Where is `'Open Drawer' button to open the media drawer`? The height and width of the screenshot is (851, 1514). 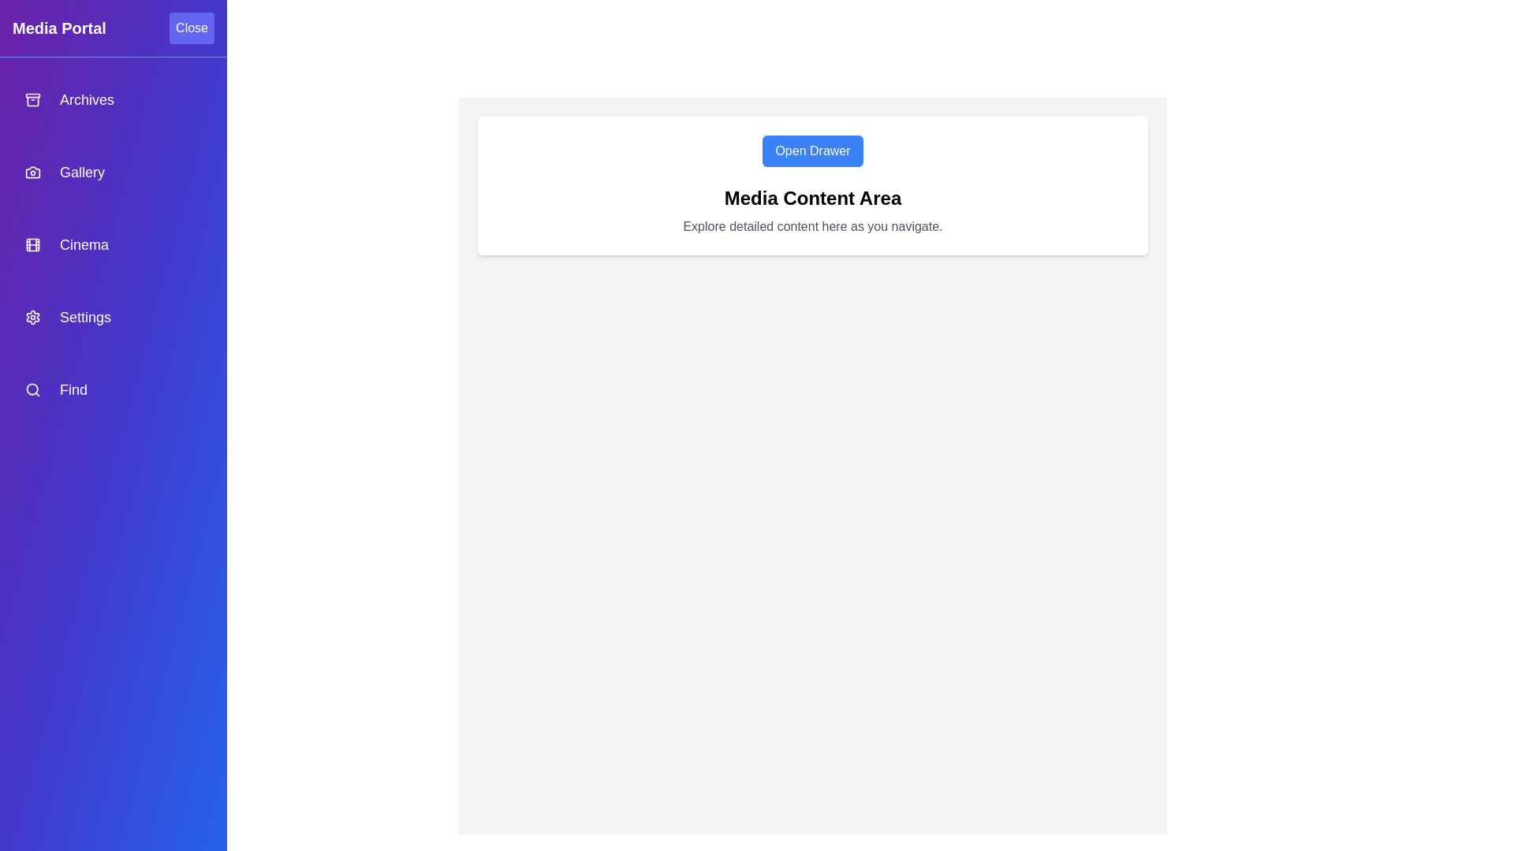
'Open Drawer' button to open the media drawer is located at coordinates (813, 151).